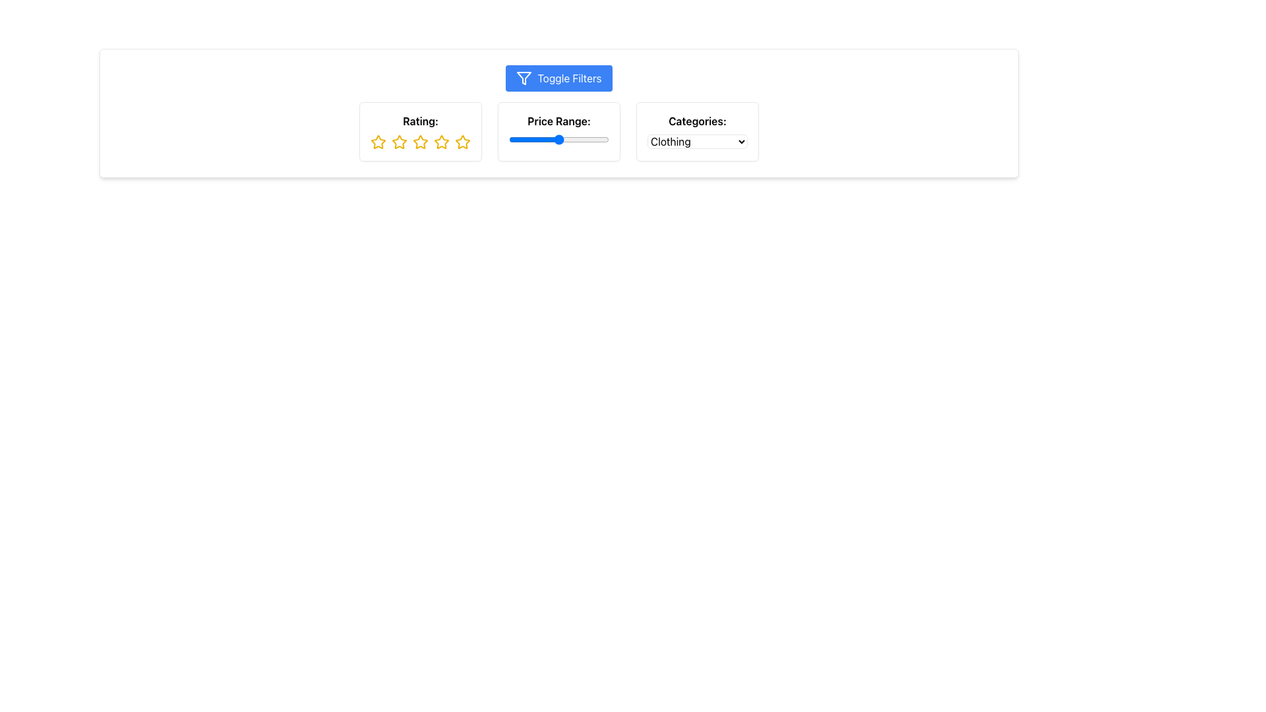 This screenshot has width=1266, height=712. Describe the element at coordinates (524, 78) in the screenshot. I see `the filter action symbol located at the center of the 'Toggle Filters' button, which is positioned at the top of the user interface` at that location.